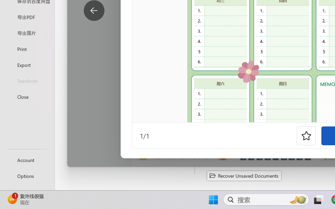 The image size is (335, 209). What do you see at coordinates (27, 80) in the screenshot?
I see `'Transform'` at bounding box center [27, 80].